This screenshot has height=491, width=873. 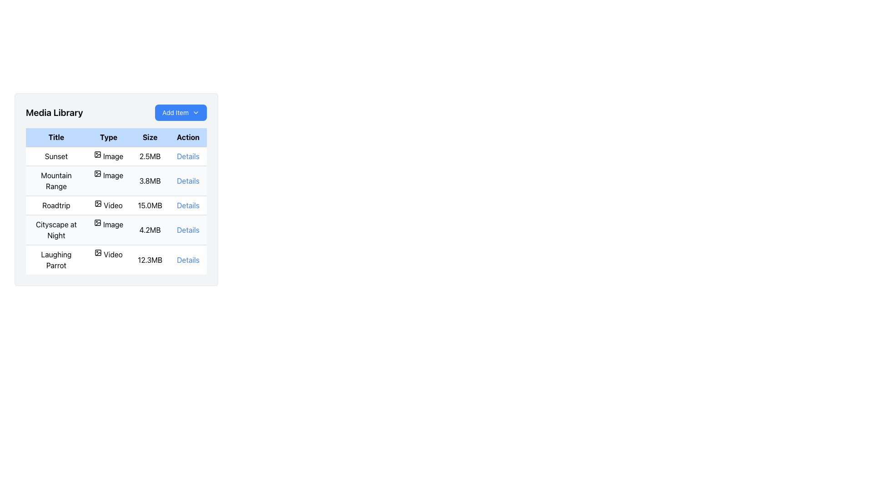 What do you see at coordinates (55, 180) in the screenshot?
I see `the text element displaying 'Mountain Range' which is centrally aligned in the second row of the 'Title' column in the tabular layout` at bounding box center [55, 180].